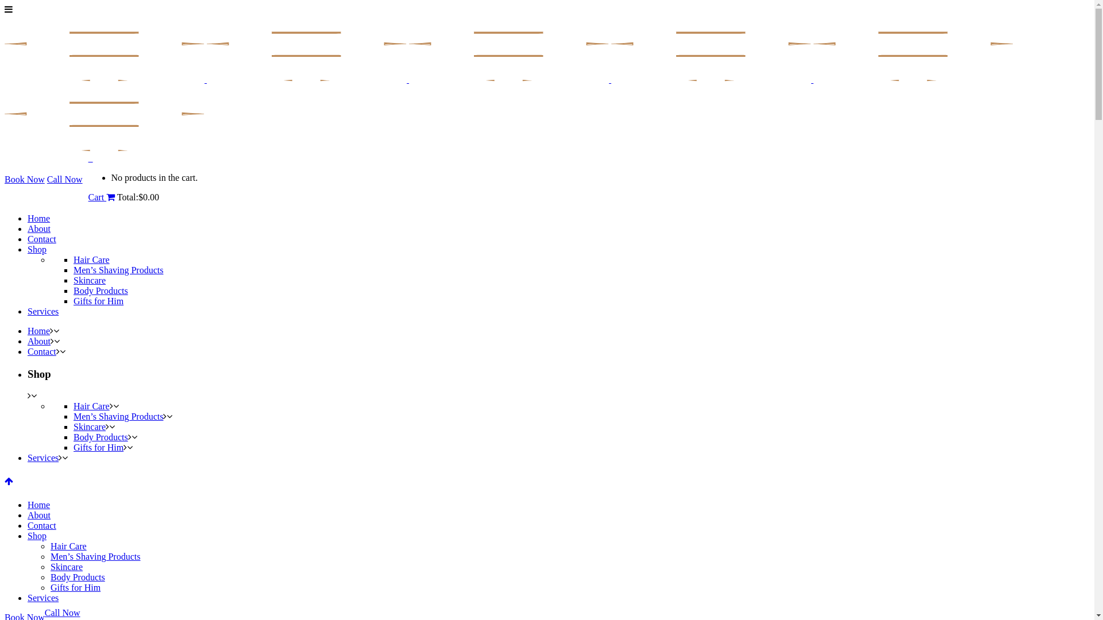 The width and height of the screenshot is (1103, 620). What do you see at coordinates (64, 179) in the screenshot?
I see `'Call Now'` at bounding box center [64, 179].